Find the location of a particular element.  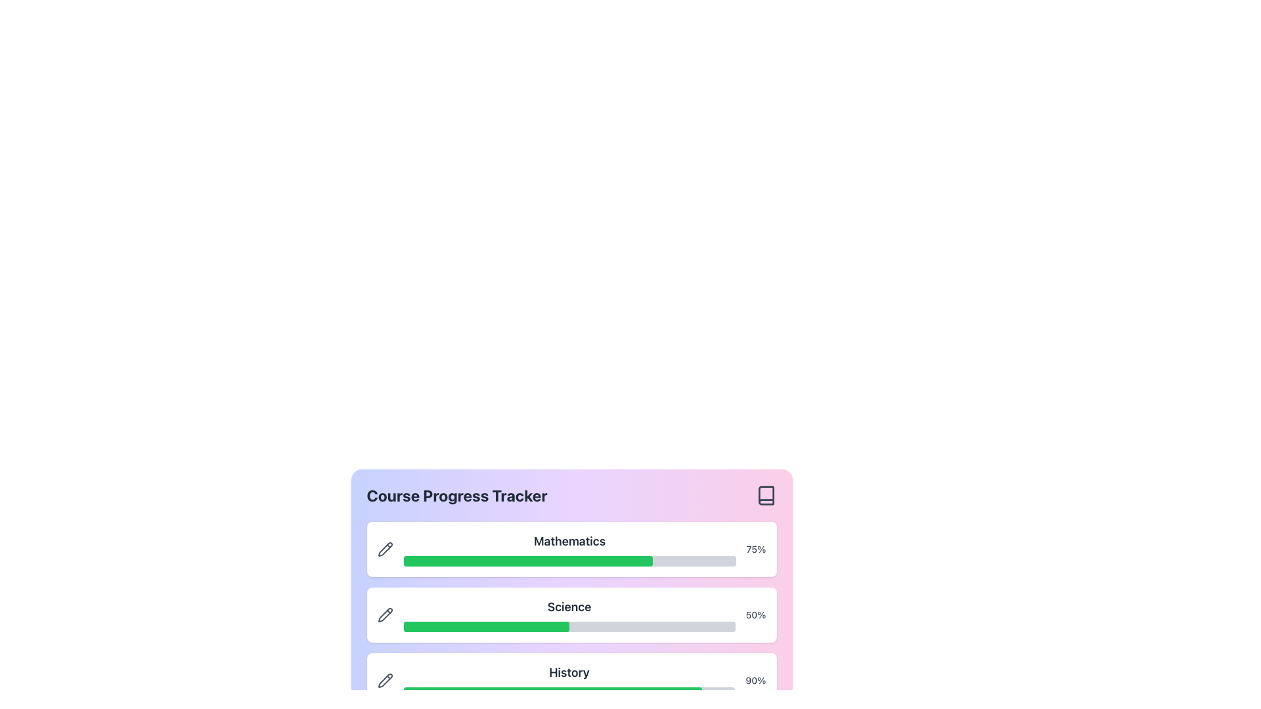

the progress visually of the 'Mathematics' course progress bar, which indicates that 75% of the course has been completed is located at coordinates (528, 561).